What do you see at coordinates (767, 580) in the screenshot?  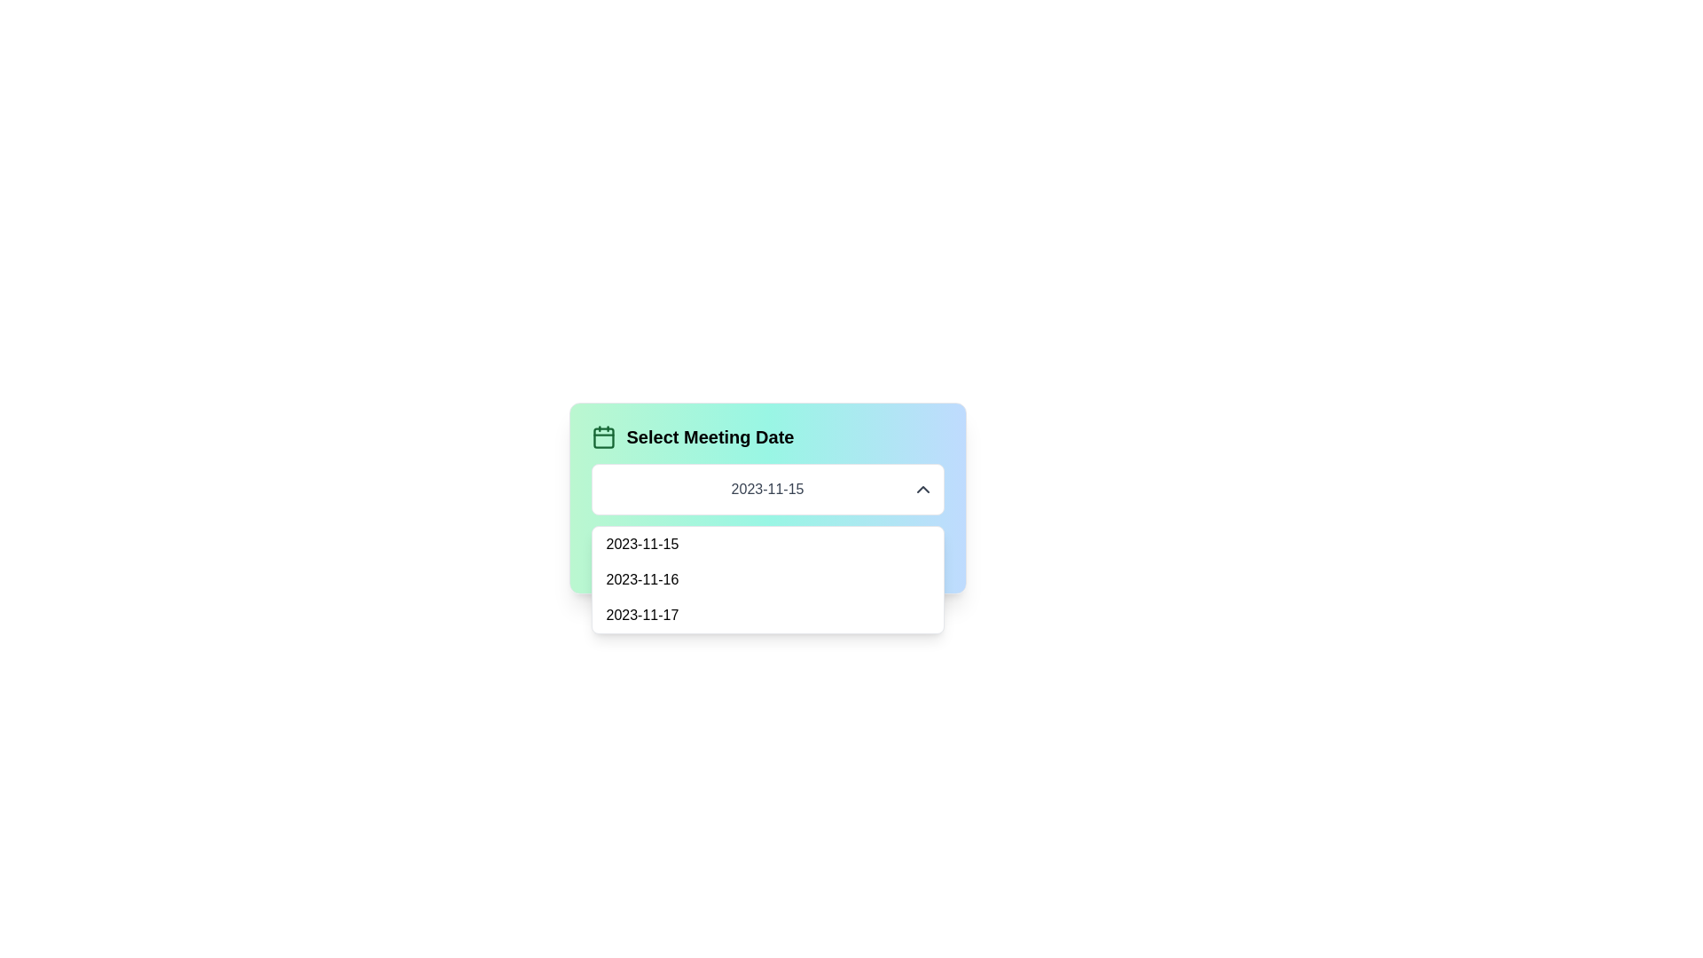 I see `the dropdown menu option that appears below the input box with the placeholder 'Choose a date', which is styled with a white background and rounded corners` at bounding box center [767, 580].